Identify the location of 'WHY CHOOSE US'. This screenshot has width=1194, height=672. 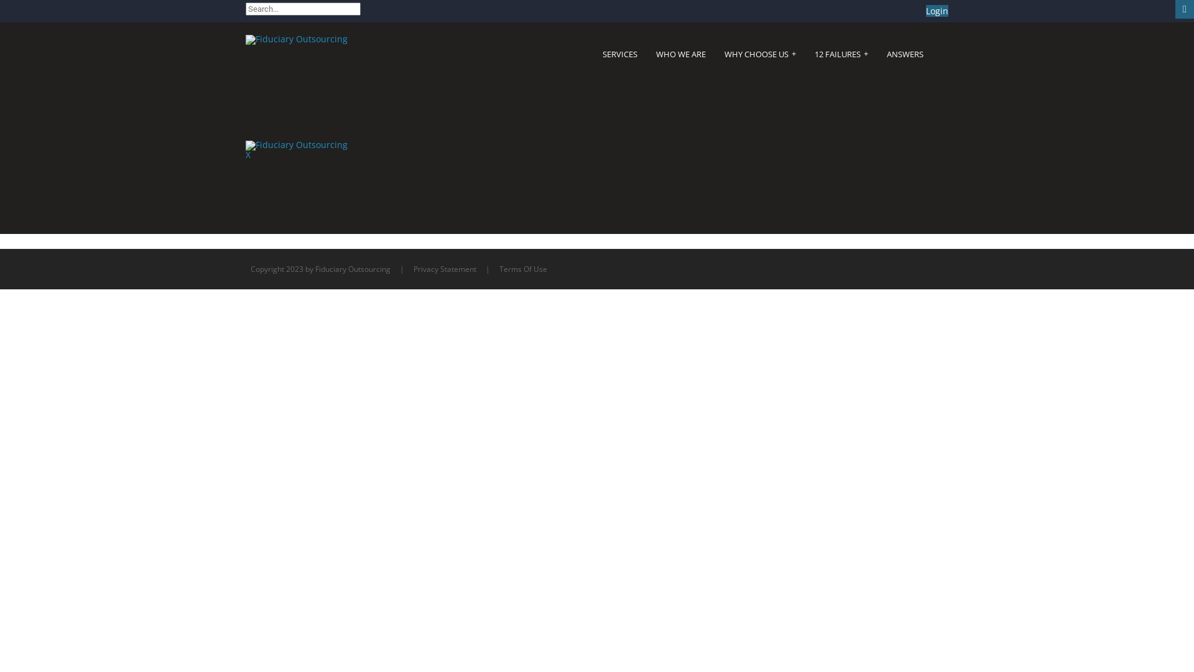
(759, 54).